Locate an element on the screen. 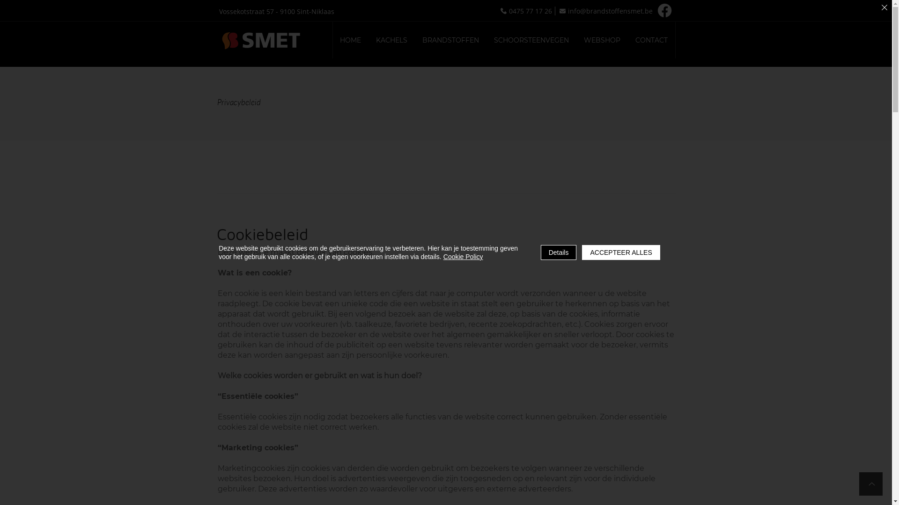 Image resolution: width=899 pixels, height=505 pixels. 'SCHOORSTEENVEGEN' is located at coordinates (531, 39).